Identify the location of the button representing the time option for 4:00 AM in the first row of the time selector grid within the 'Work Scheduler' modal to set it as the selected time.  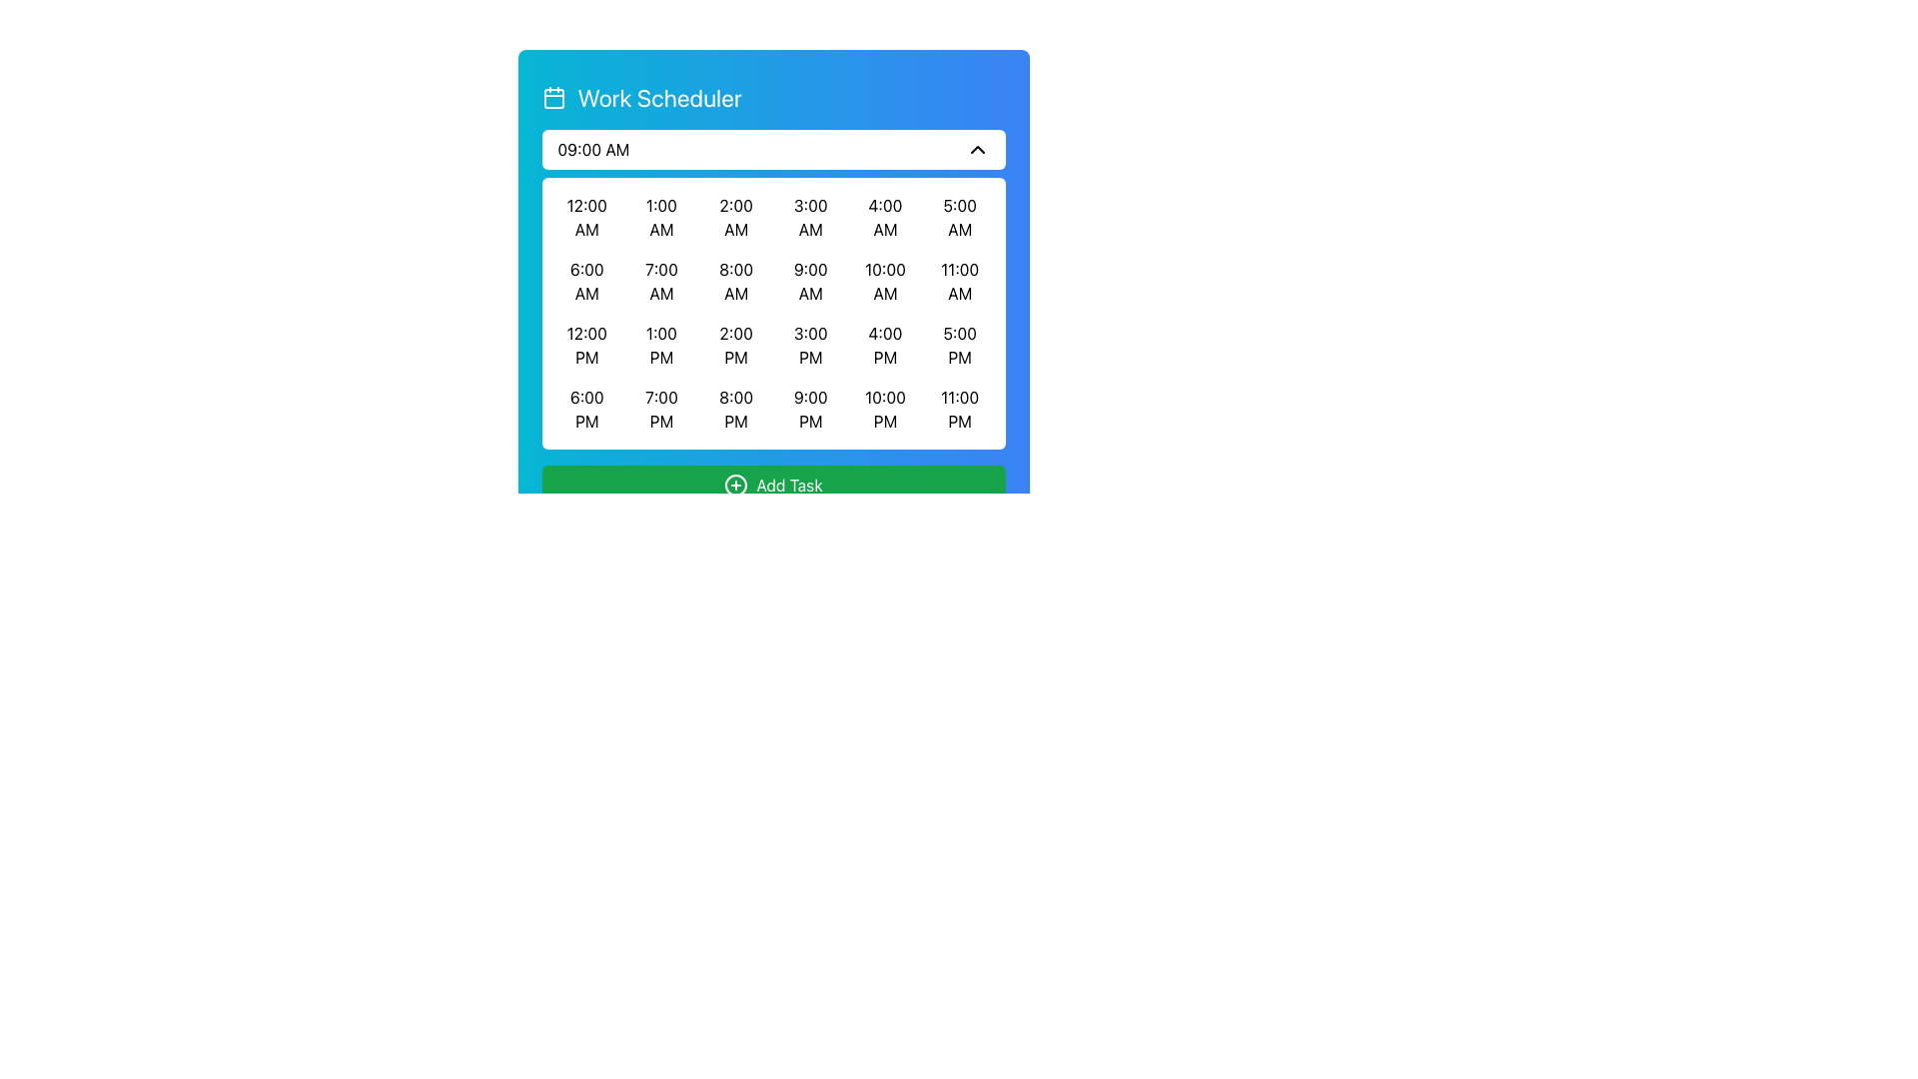
(884, 218).